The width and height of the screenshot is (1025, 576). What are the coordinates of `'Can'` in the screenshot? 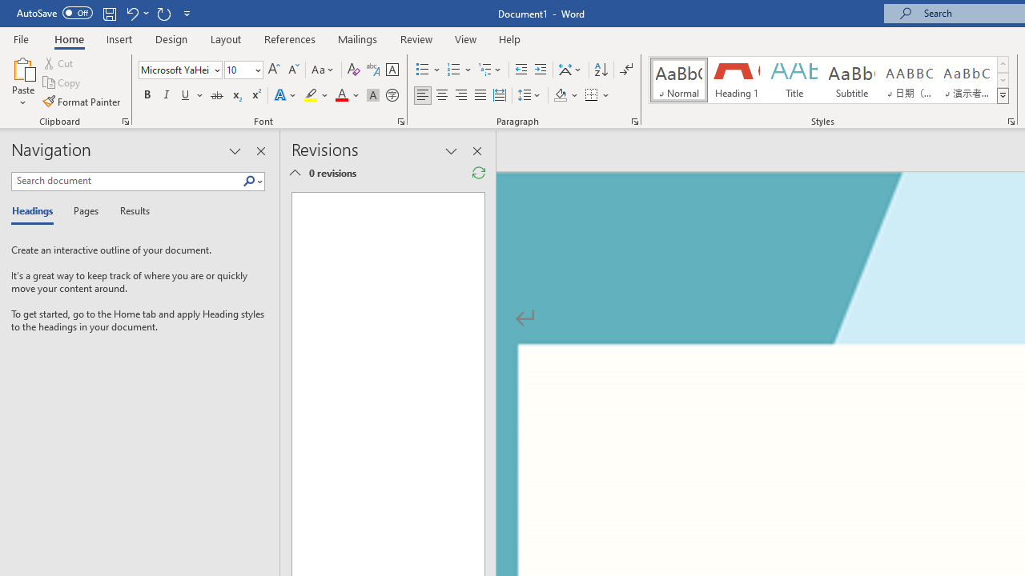 It's located at (163, 13).